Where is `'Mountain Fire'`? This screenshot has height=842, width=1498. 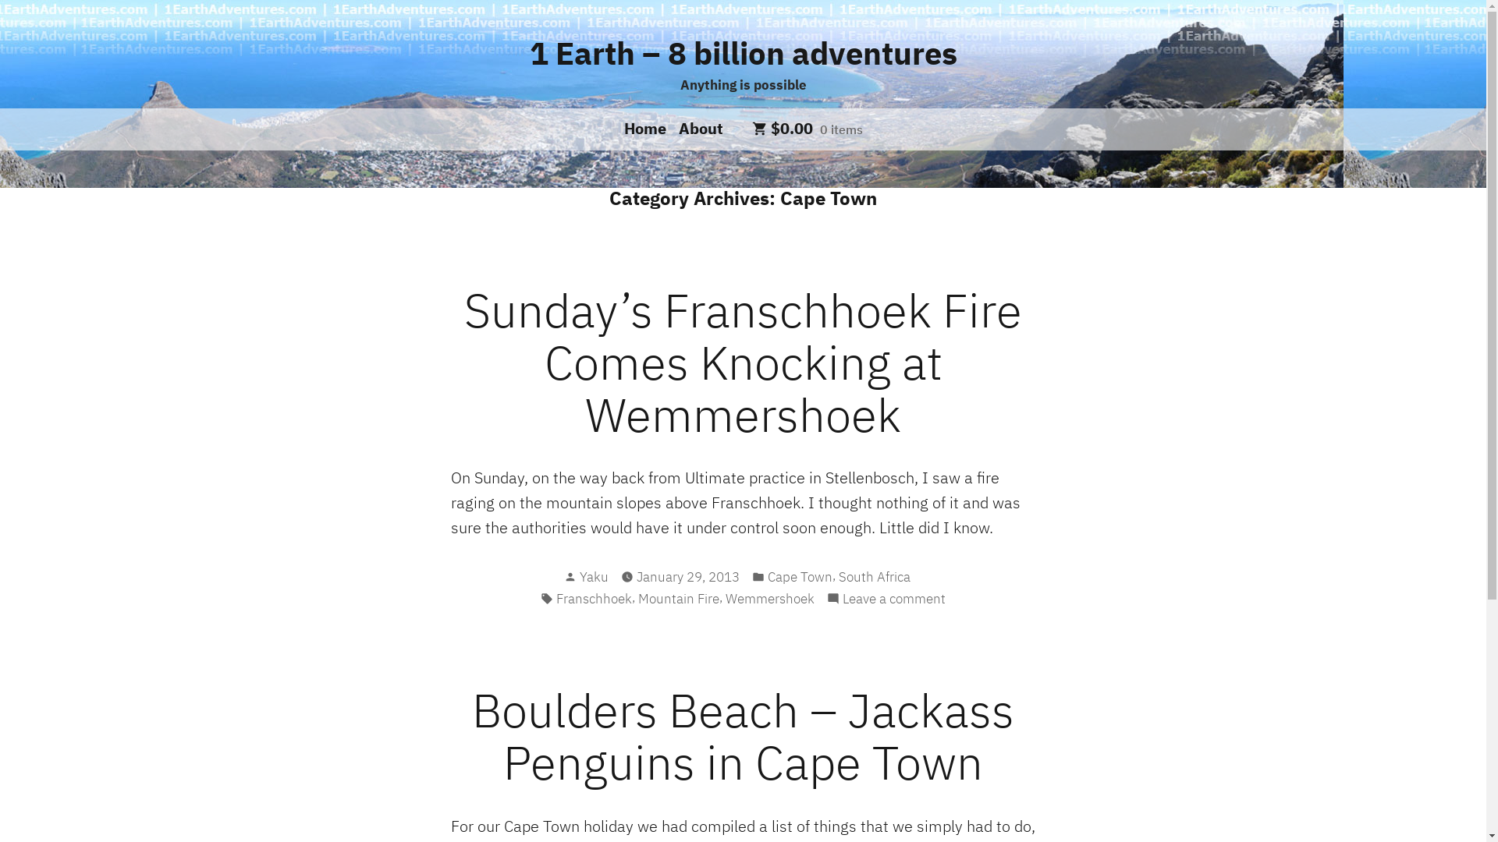
'Mountain Fire' is located at coordinates (637, 598).